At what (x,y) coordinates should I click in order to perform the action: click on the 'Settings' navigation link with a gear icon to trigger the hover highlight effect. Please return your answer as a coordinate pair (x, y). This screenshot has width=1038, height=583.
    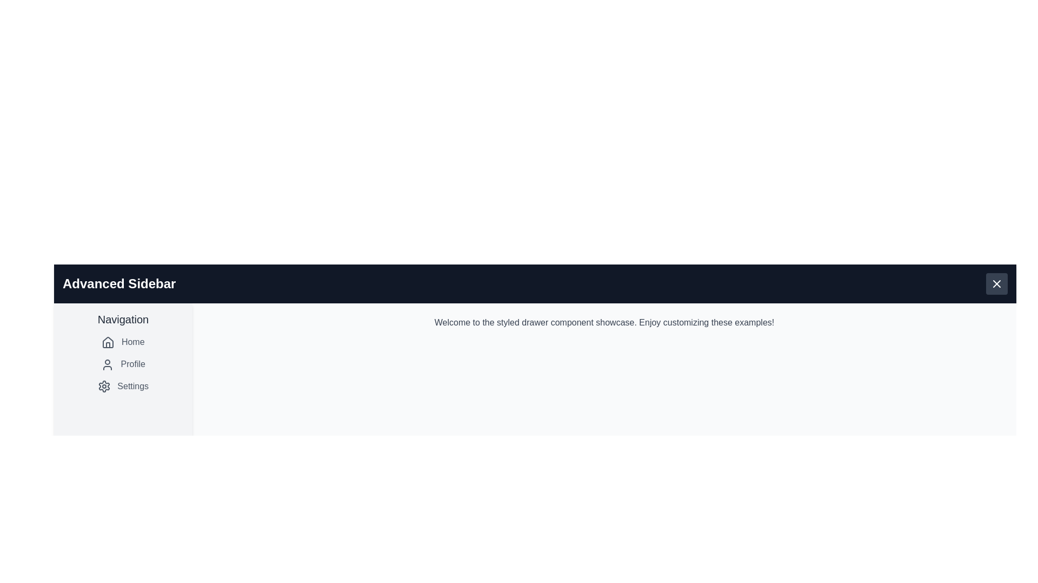
    Looking at the image, I should click on (123, 385).